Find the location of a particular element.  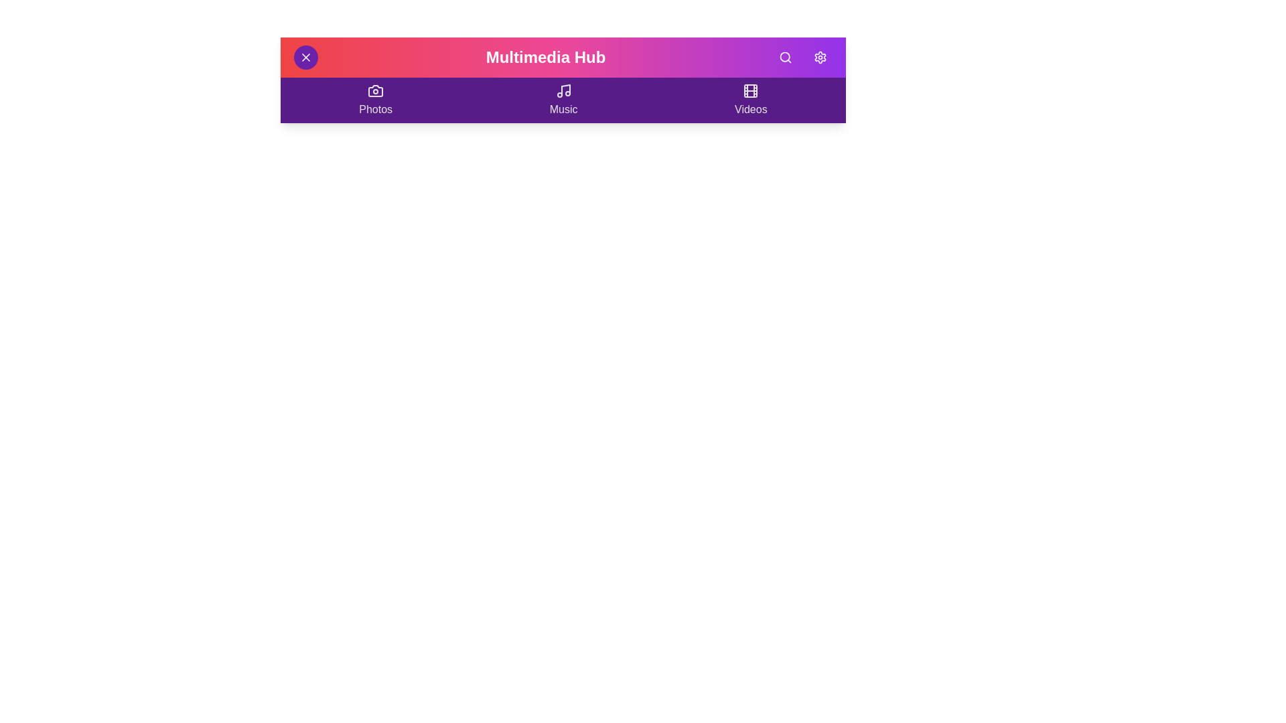

the toggle button to change the menu visibility is located at coordinates (305, 56).